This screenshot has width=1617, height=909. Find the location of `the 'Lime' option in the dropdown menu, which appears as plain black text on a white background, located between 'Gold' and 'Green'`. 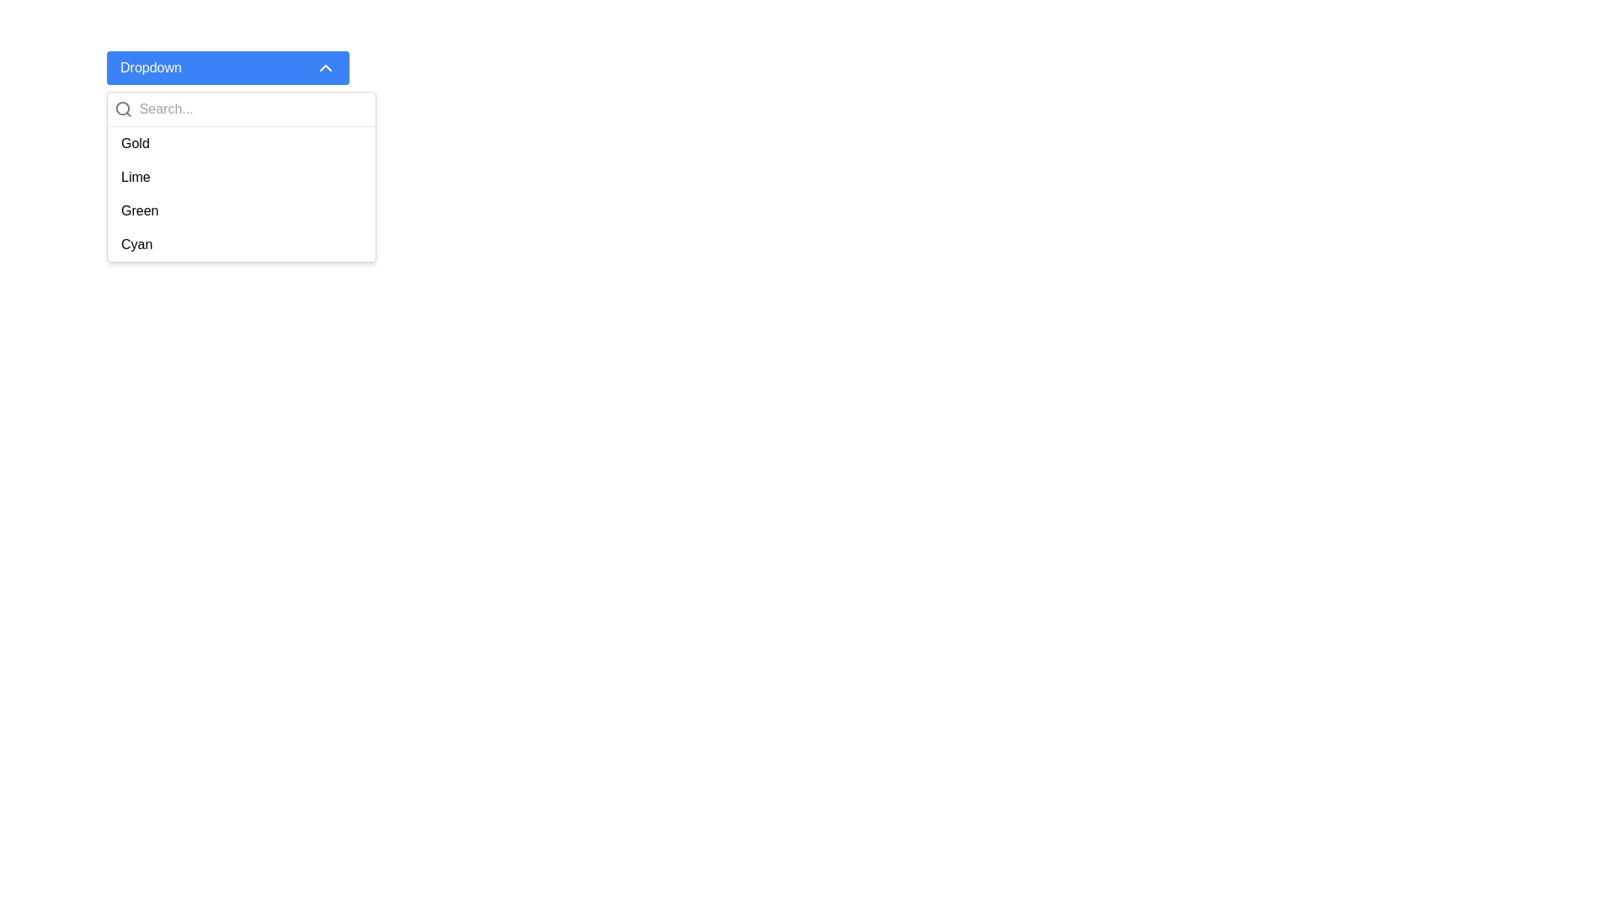

the 'Lime' option in the dropdown menu, which appears as plain black text on a white background, located between 'Gold' and 'Green' is located at coordinates (136, 178).